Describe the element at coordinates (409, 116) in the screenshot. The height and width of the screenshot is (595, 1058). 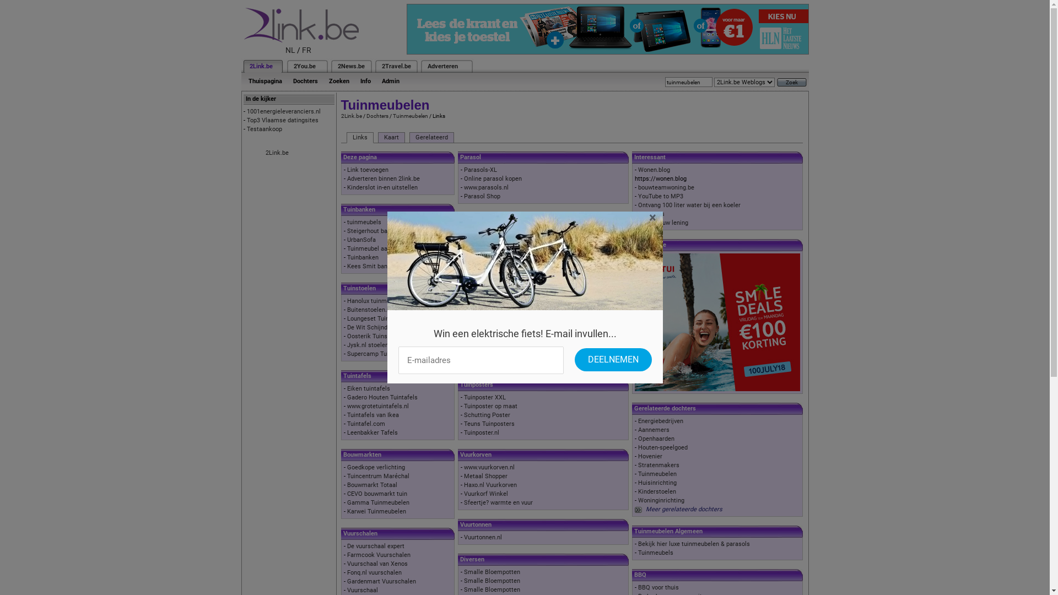
I see `'Tuinmeubelen'` at that location.